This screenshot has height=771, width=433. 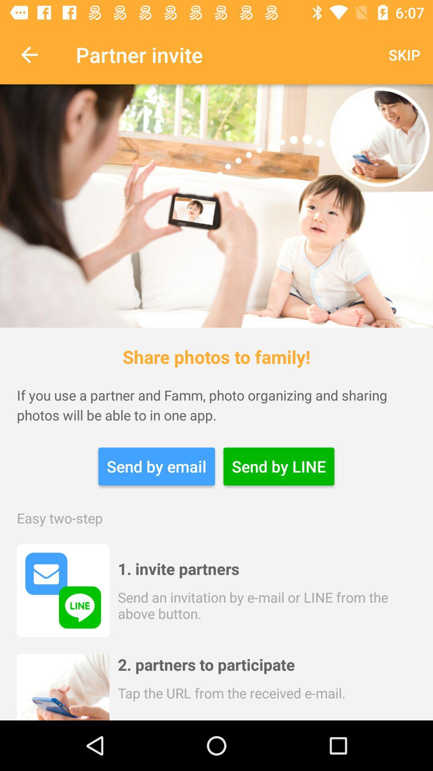 I want to click on the icon to the left of the partner invite item, so click(x=29, y=54).